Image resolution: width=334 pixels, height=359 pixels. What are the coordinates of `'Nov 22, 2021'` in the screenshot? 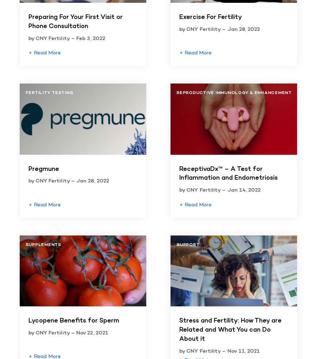 It's located at (92, 333).